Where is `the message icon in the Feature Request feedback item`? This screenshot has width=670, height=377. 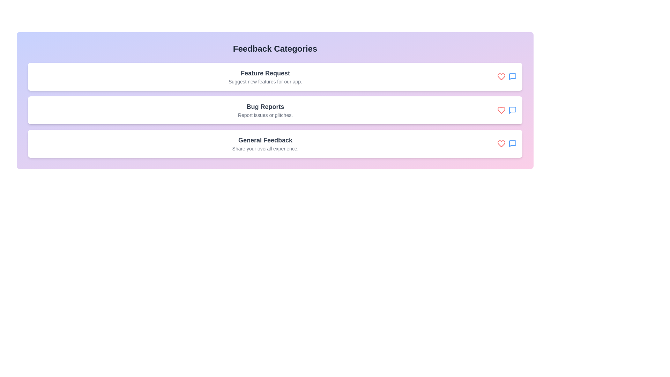 the message icon in the Feature Request feedback item is located at coordinates (512, 76).